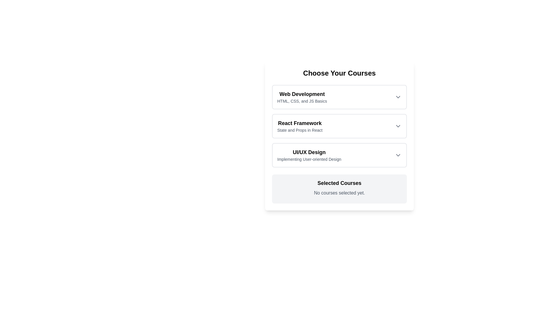 The width and height of the screenshot is (558, 314). I want to click on the Text block that serves as the title and description for the UI/UX design course, located in the third section of the course list, between 'React Framework' and 'Selected Courses', so click(309, 155).